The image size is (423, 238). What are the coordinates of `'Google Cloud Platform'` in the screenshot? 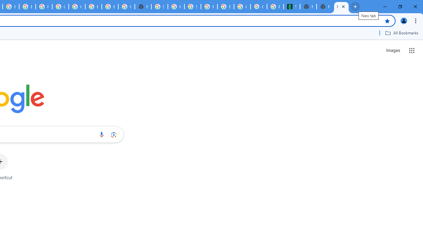 It's located at (77, 7).